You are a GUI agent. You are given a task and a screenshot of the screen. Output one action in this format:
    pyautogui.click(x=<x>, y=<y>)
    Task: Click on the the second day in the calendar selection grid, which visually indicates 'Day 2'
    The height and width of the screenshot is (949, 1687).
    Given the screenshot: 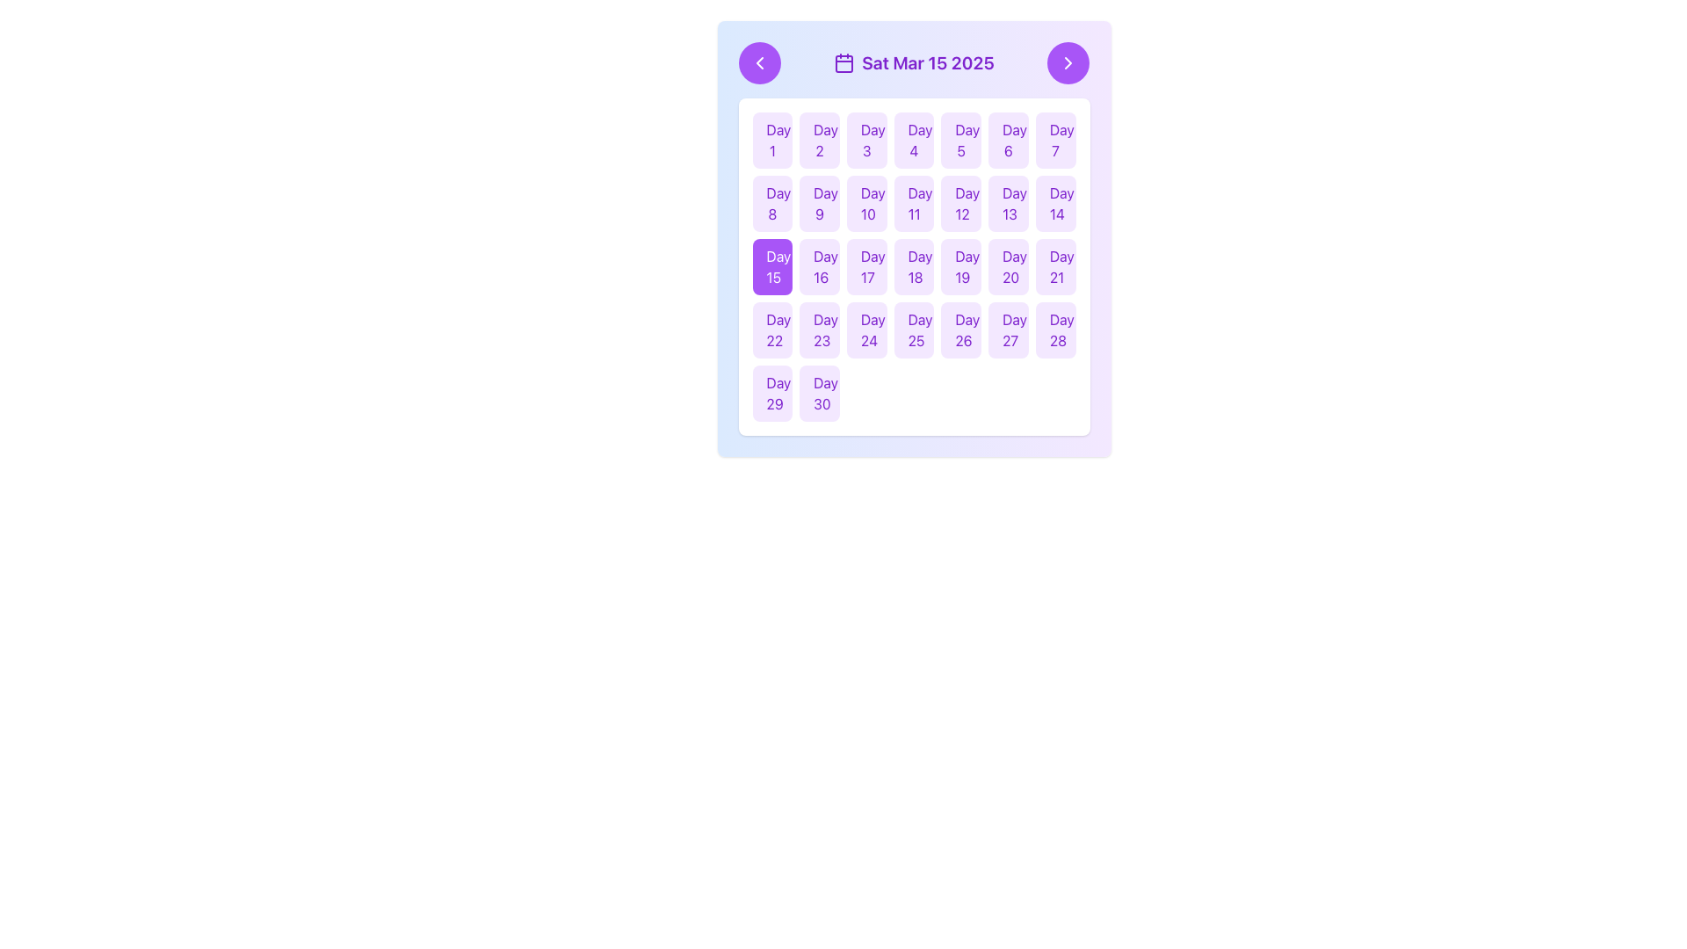 What is the action you would take?
    pyautogui.click(x=819, y=139)
    